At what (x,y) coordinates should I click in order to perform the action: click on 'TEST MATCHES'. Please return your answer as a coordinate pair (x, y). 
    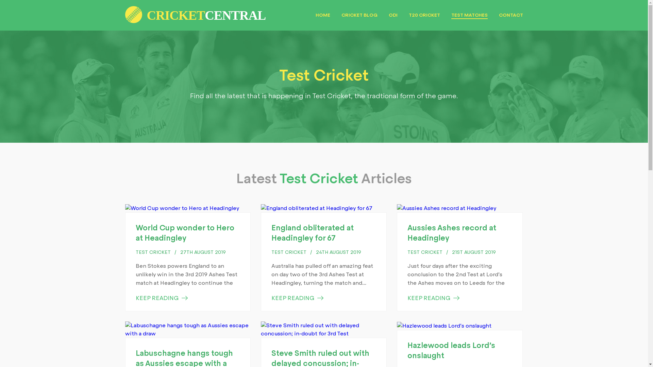
    Looking at the image, I should click on (451, 15).